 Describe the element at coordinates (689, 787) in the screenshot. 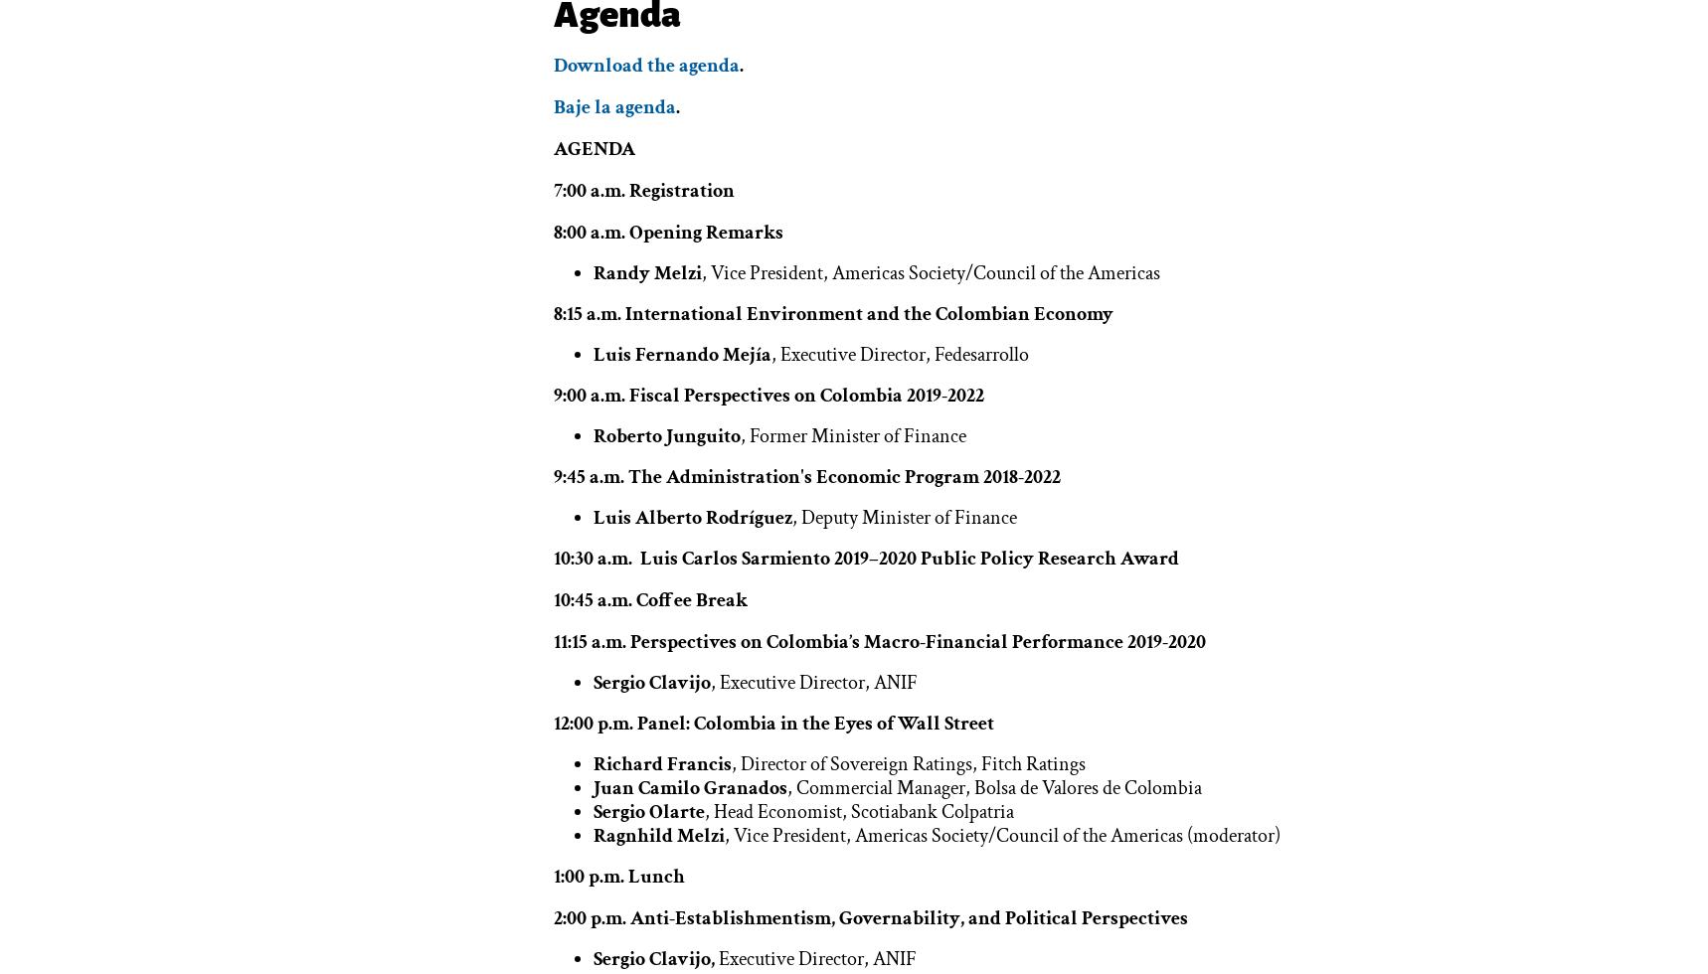

I see `'Juan Camilo Granados'` at that location.